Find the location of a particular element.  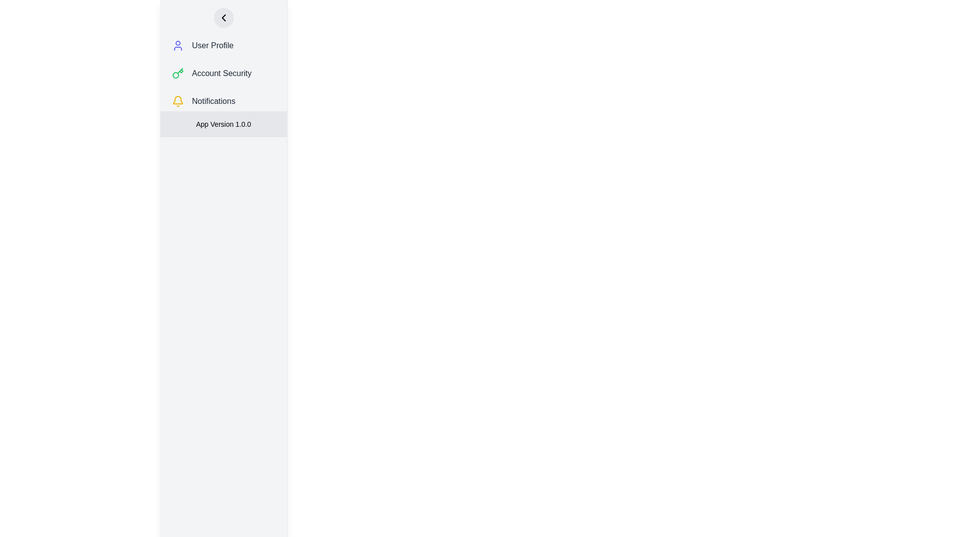

the 'User Profile' menu item, which is the first item in the vertical list of menu options in the side navigation bar is located at coordinates (223, 46).